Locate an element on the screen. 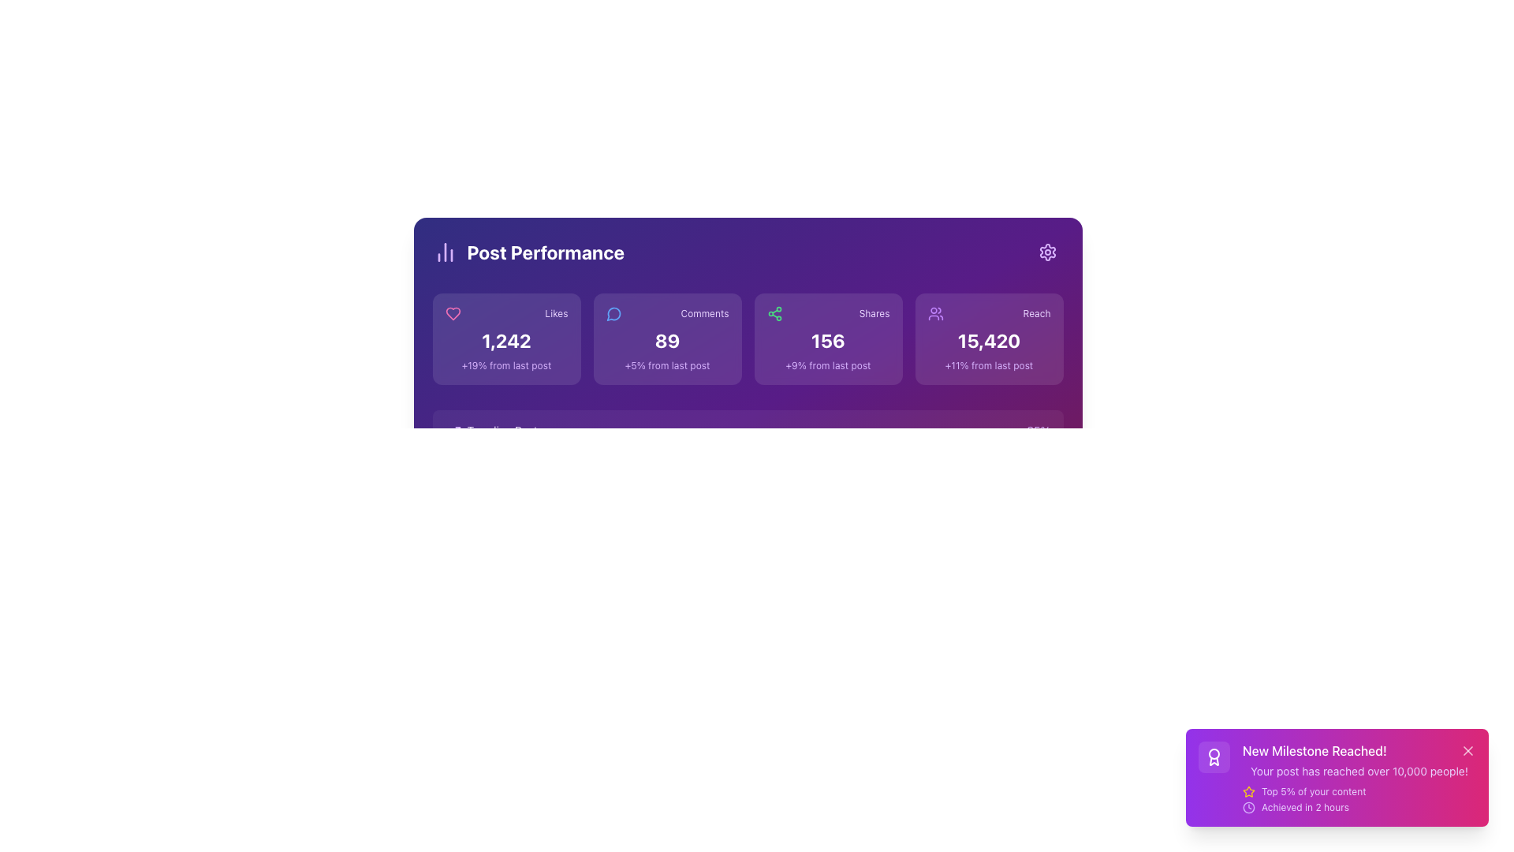  the text label for the 'Reach' performance metric, which is located at the top-right of the fifth statistic card and above the numerical statistic of 15,420 is located at coordinates (1037, 313).